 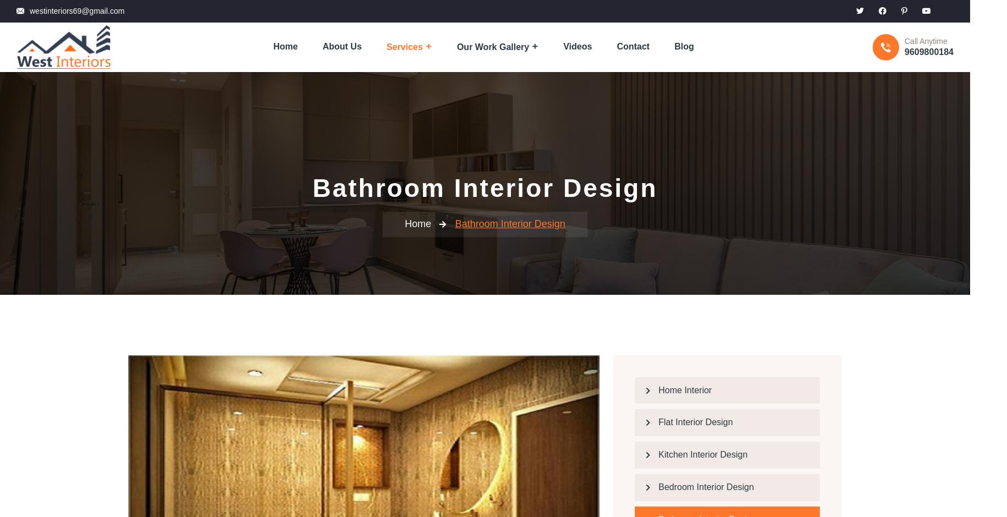 What do you see at coordinates (236, 300) in the screenshot?
I see `'We assure you complete our work with in a proper time, and we are very conscious for this also. It is our responsibility to complete the work within a proper time slot.'` at bounding box center [236, 300].